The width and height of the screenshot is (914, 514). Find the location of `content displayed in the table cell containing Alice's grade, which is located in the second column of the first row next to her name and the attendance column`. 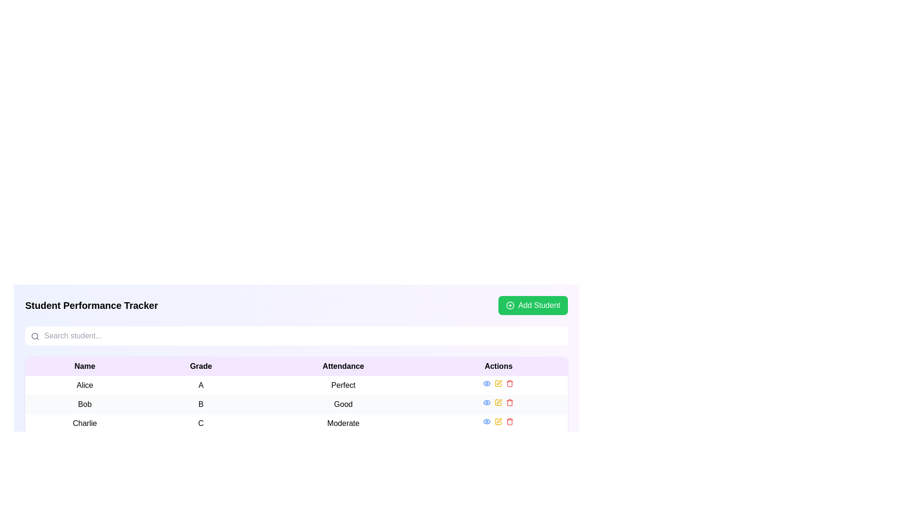

content displayed in the table cell containing Alice's grade, which is located in the second column of the first row next to her name and the attendance column is located at coordinates (200, 385).